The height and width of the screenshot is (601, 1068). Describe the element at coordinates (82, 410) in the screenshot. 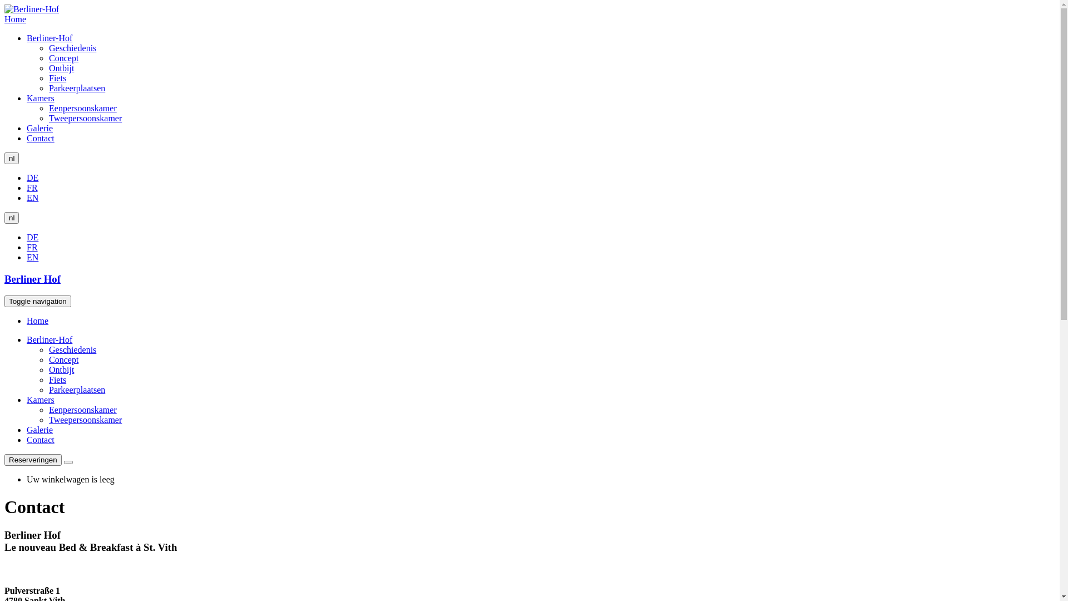

I see `'Eenpersoonskamer'` at that location.